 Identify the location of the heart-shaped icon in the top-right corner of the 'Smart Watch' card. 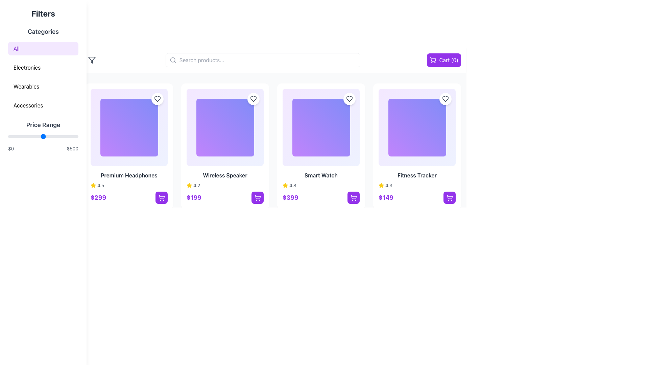
(349, 99).